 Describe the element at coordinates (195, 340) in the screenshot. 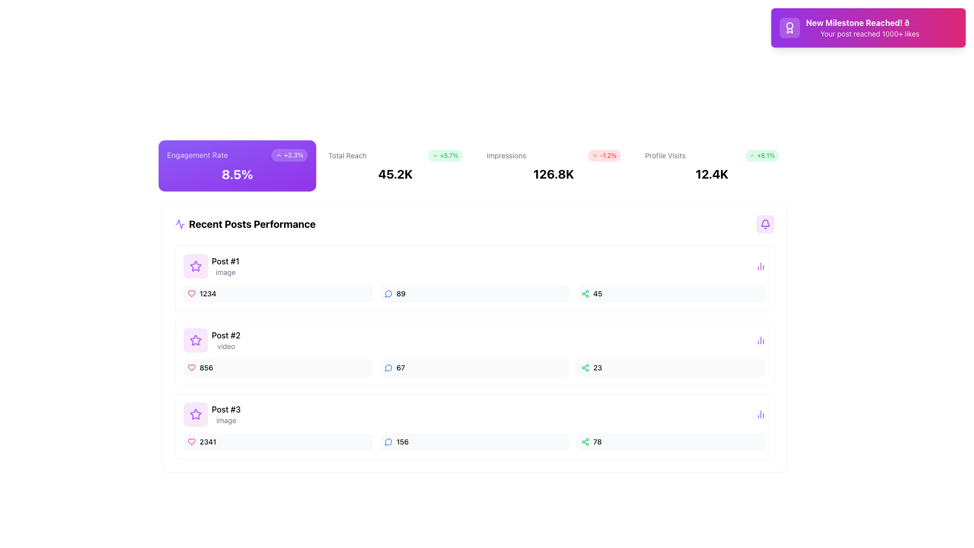

I see `the purple star-shaped icon located in the 'Recent Posts Performance' section, specifically in the 'Post #1' row, for visual information` at that location.